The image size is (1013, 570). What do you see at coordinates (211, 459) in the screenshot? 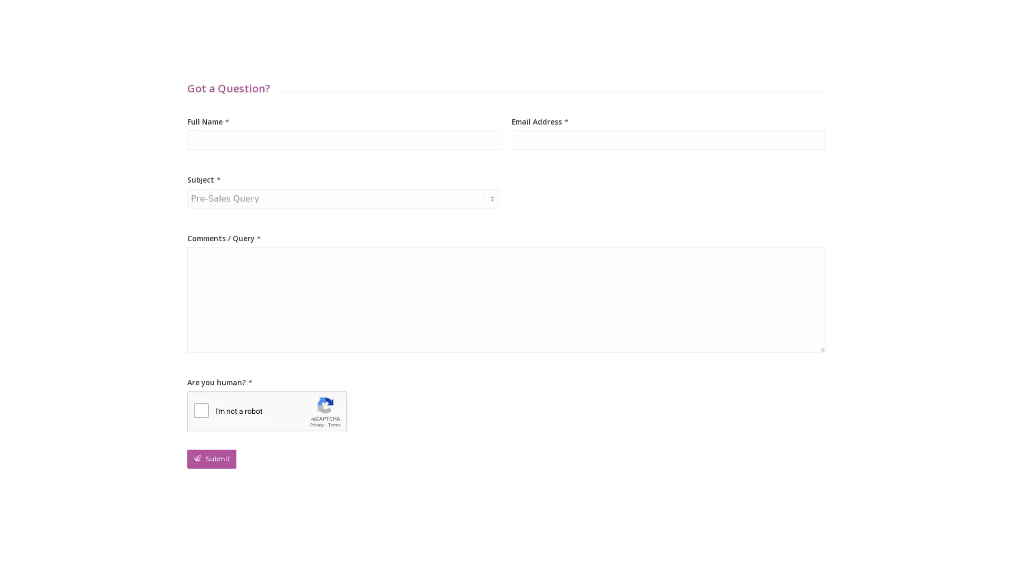
I see `Submit` at bounding box center [211, 459].